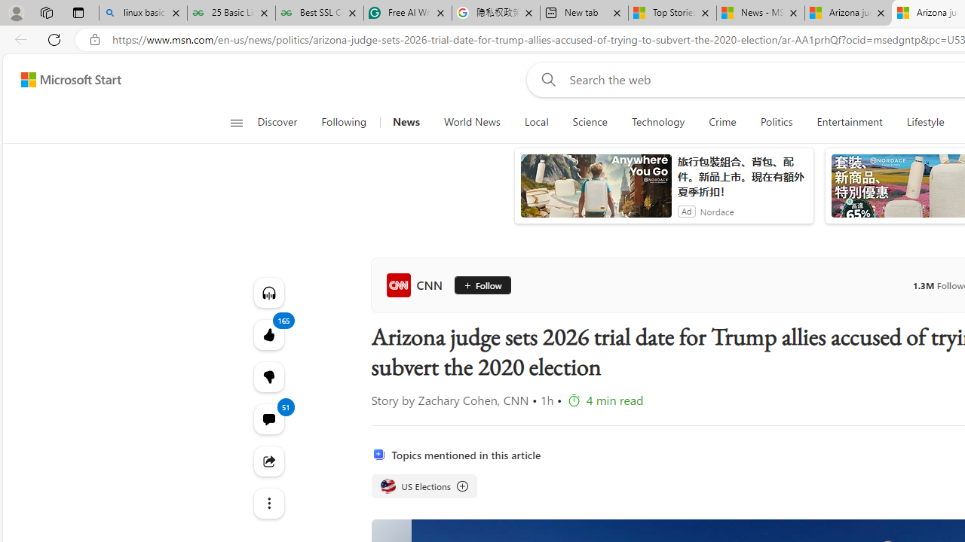 The width and height of the screenshot is (965, 542). What do you see at coordinates (924, 122) in the screenshot?
I see `'Lifestyle'` at bounding box center [924, 122].